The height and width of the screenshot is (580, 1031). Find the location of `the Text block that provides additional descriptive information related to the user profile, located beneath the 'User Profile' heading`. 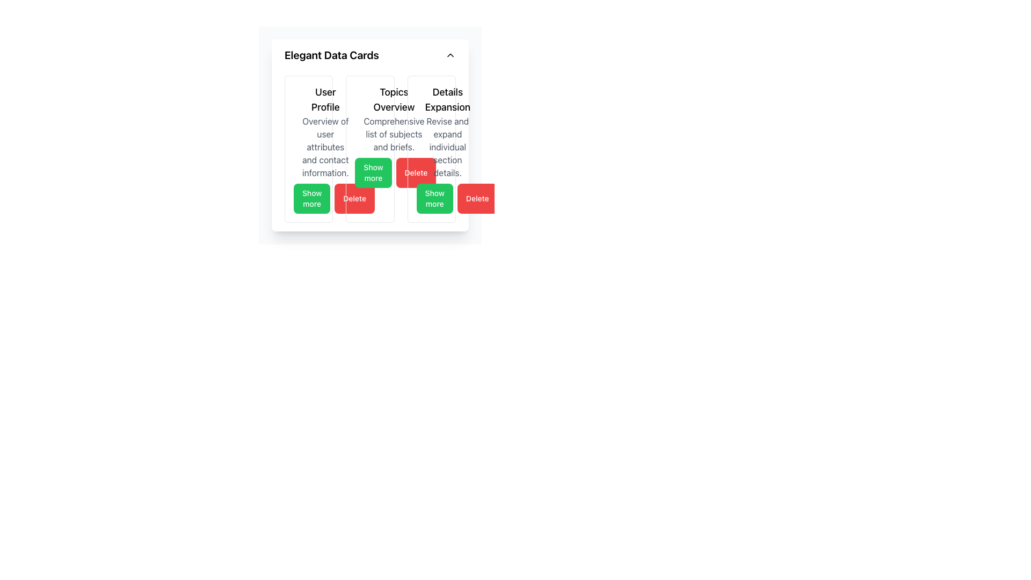

the Text block that provides additional descriptive information related to the user profile, located beneath the 'User Profile' heading is located at coordinates (325, 147).